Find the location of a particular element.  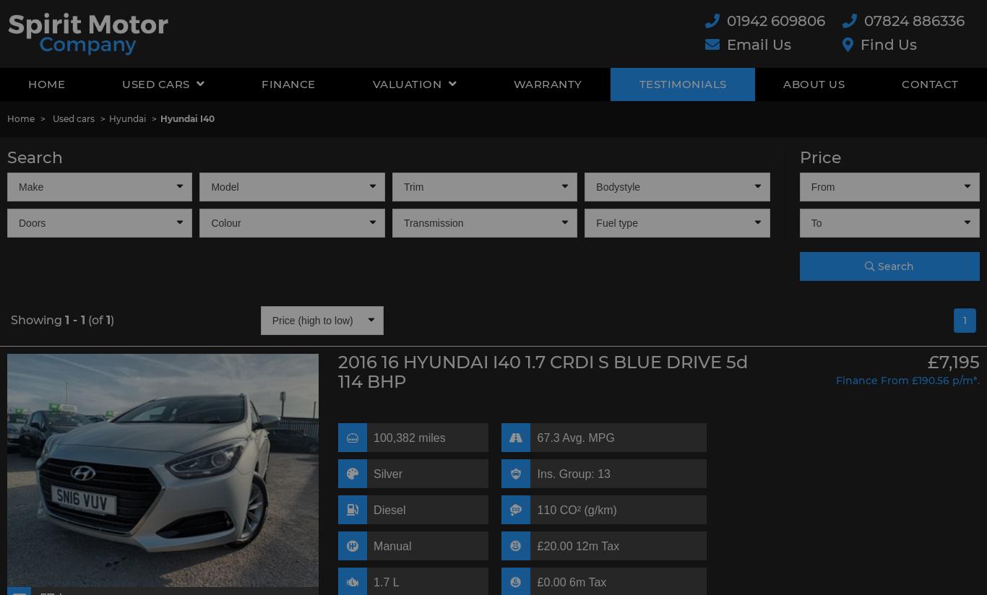

'Used Cars' is located at coordinates (121, 84).